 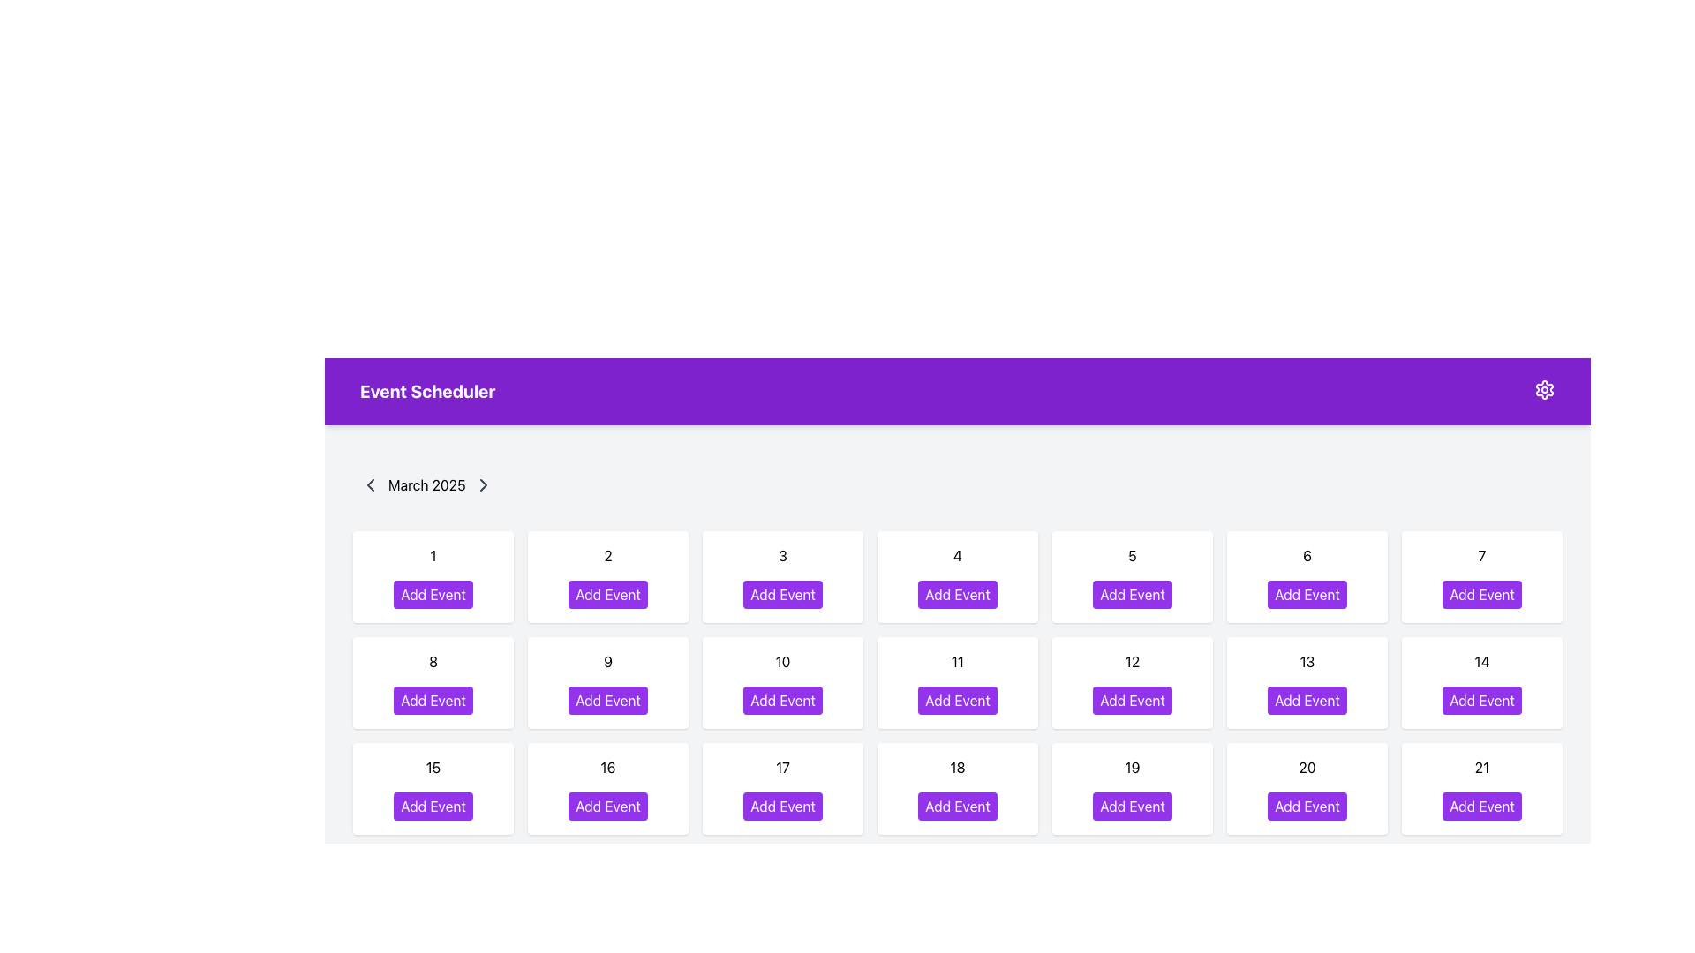 What do you see at coordinates (956, 788) in the screenshot?
I see `the 'Add Event' button in the interactive calendar day cell located in the third row and fourth column of the grid layout beneath the 'Event Scheduler' header and 'March 2025' label` at bounding box center [956, 788].